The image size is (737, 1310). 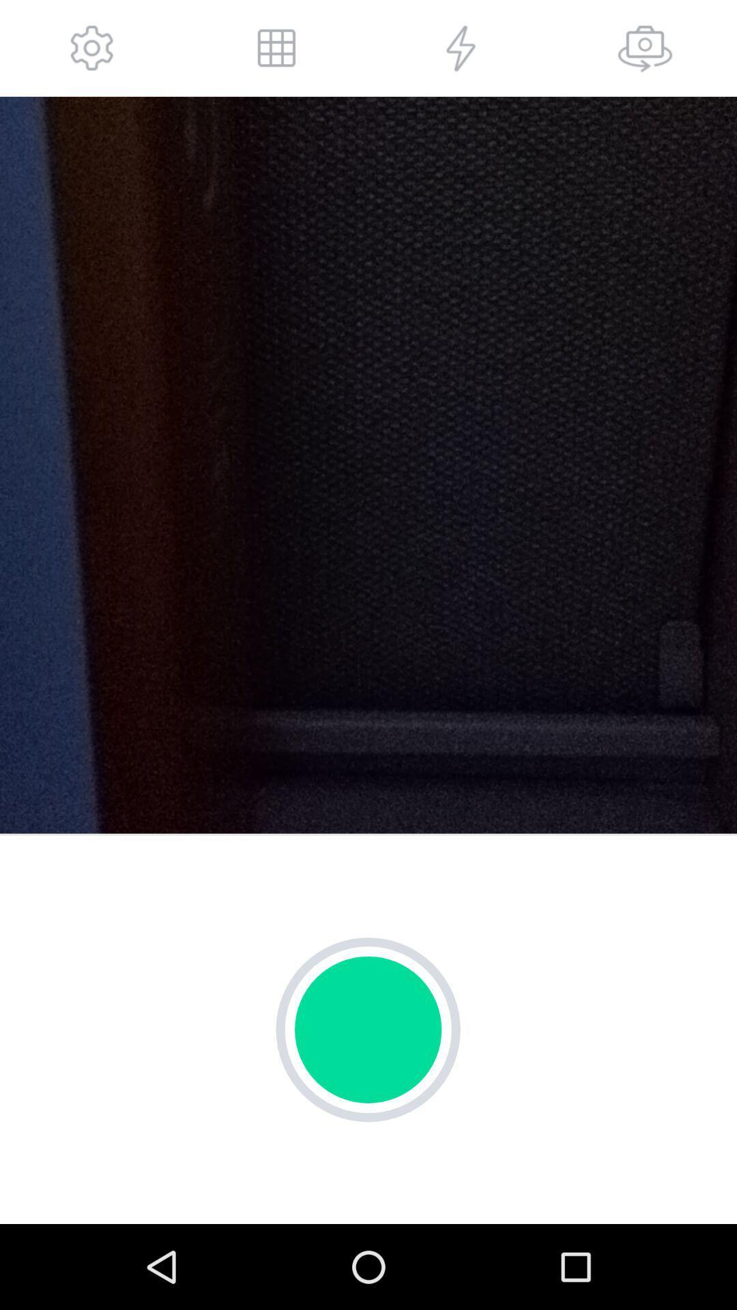 What do you see at coordinates (276, 51) in the screenshot?
I see `the more icon` at bounding box center [276, 51].